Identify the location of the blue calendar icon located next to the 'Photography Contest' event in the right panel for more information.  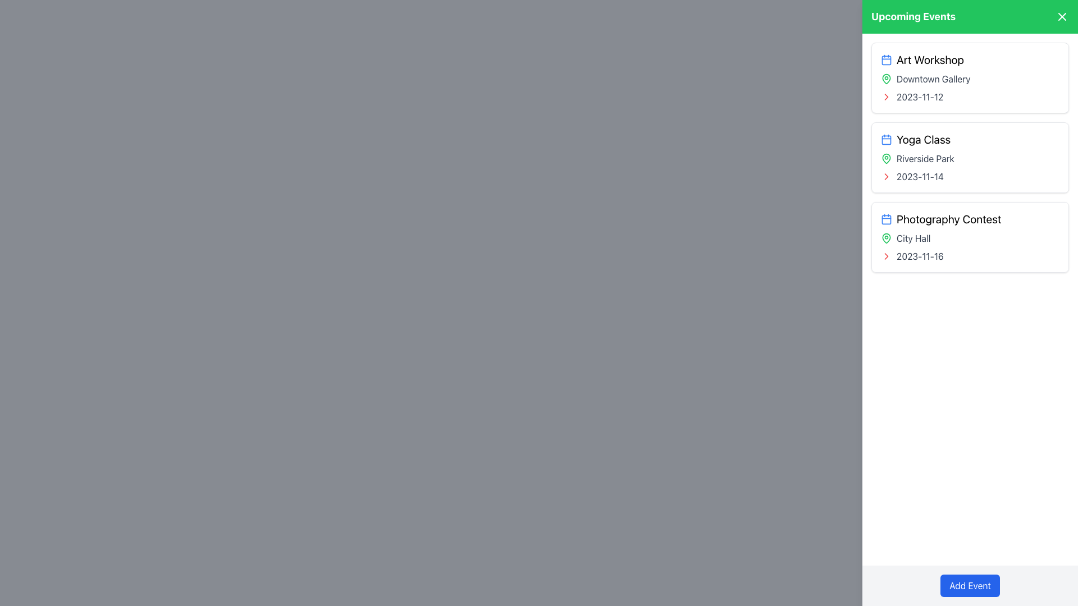
(886, 219).